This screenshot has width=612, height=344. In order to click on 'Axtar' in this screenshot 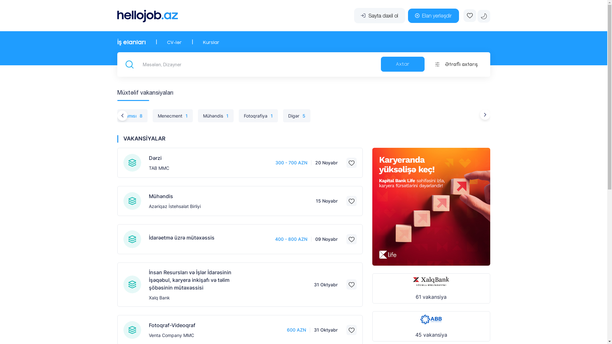, I will do `click(402, 64)`.